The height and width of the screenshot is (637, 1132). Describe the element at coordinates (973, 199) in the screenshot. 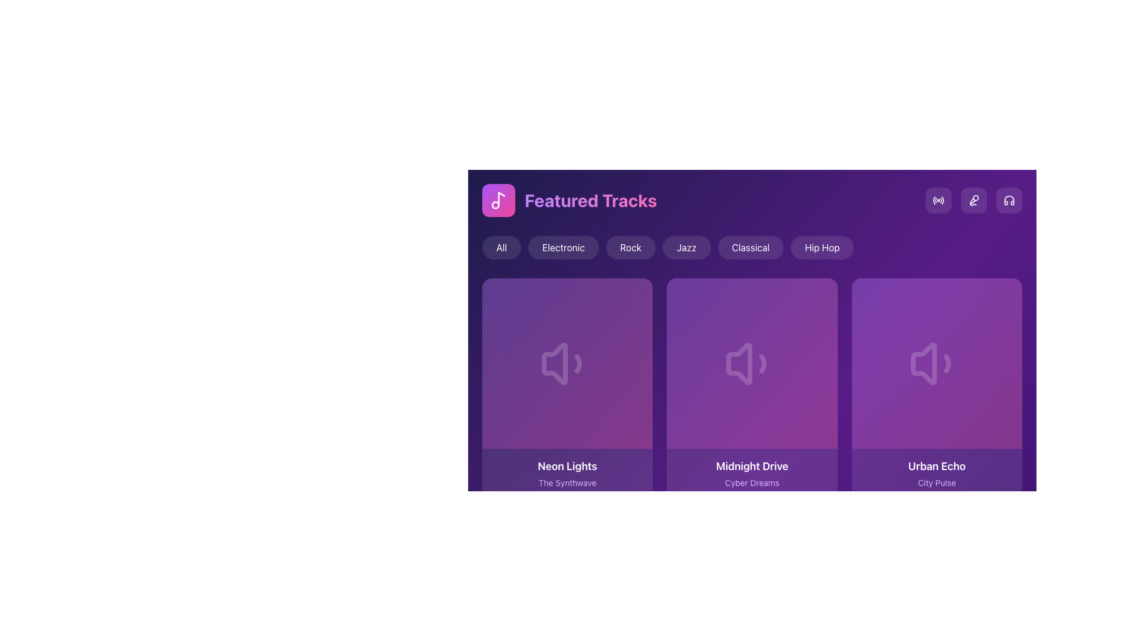

I see `the central microphone button located in the top-right corner of the user interface` at that location.